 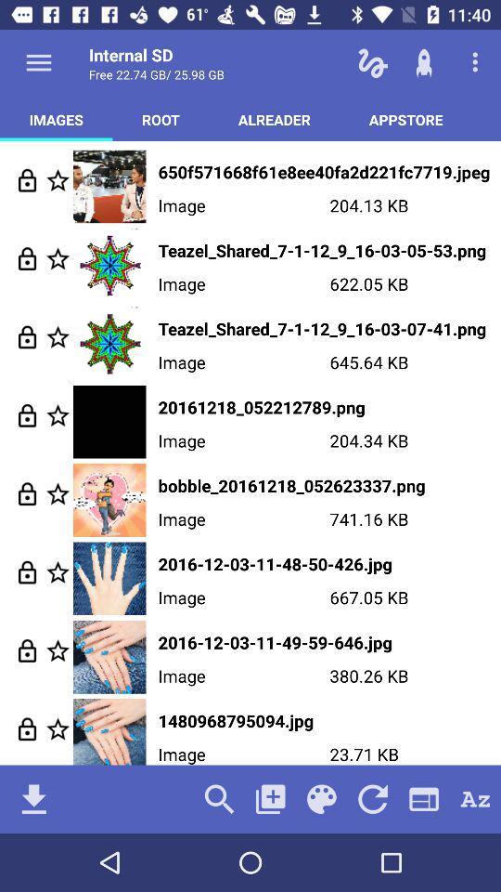 I want to click on this image, so click(x=58, y=180).